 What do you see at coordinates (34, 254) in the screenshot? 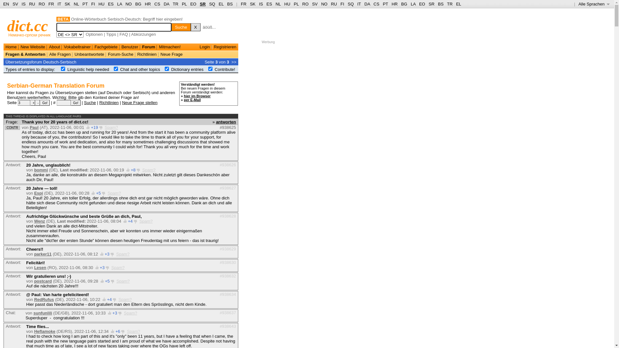
I see `'parker11'` at bounding box center [34, 254].